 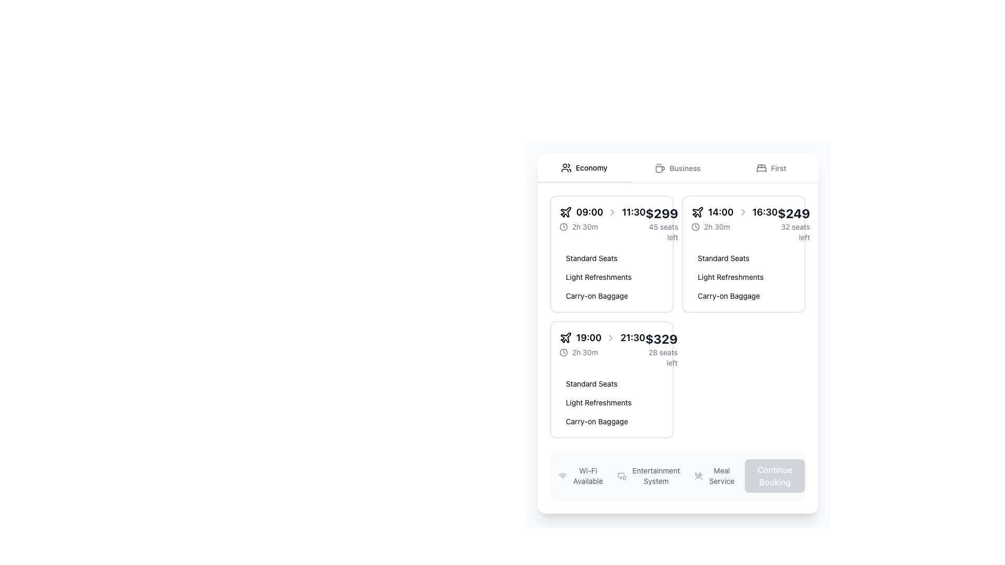 What do you see at coordinates (734, 218) in the screenshot?
I see `the informational display component that shows flight duration and departure/arrival times` at bounding box center [734, 218].